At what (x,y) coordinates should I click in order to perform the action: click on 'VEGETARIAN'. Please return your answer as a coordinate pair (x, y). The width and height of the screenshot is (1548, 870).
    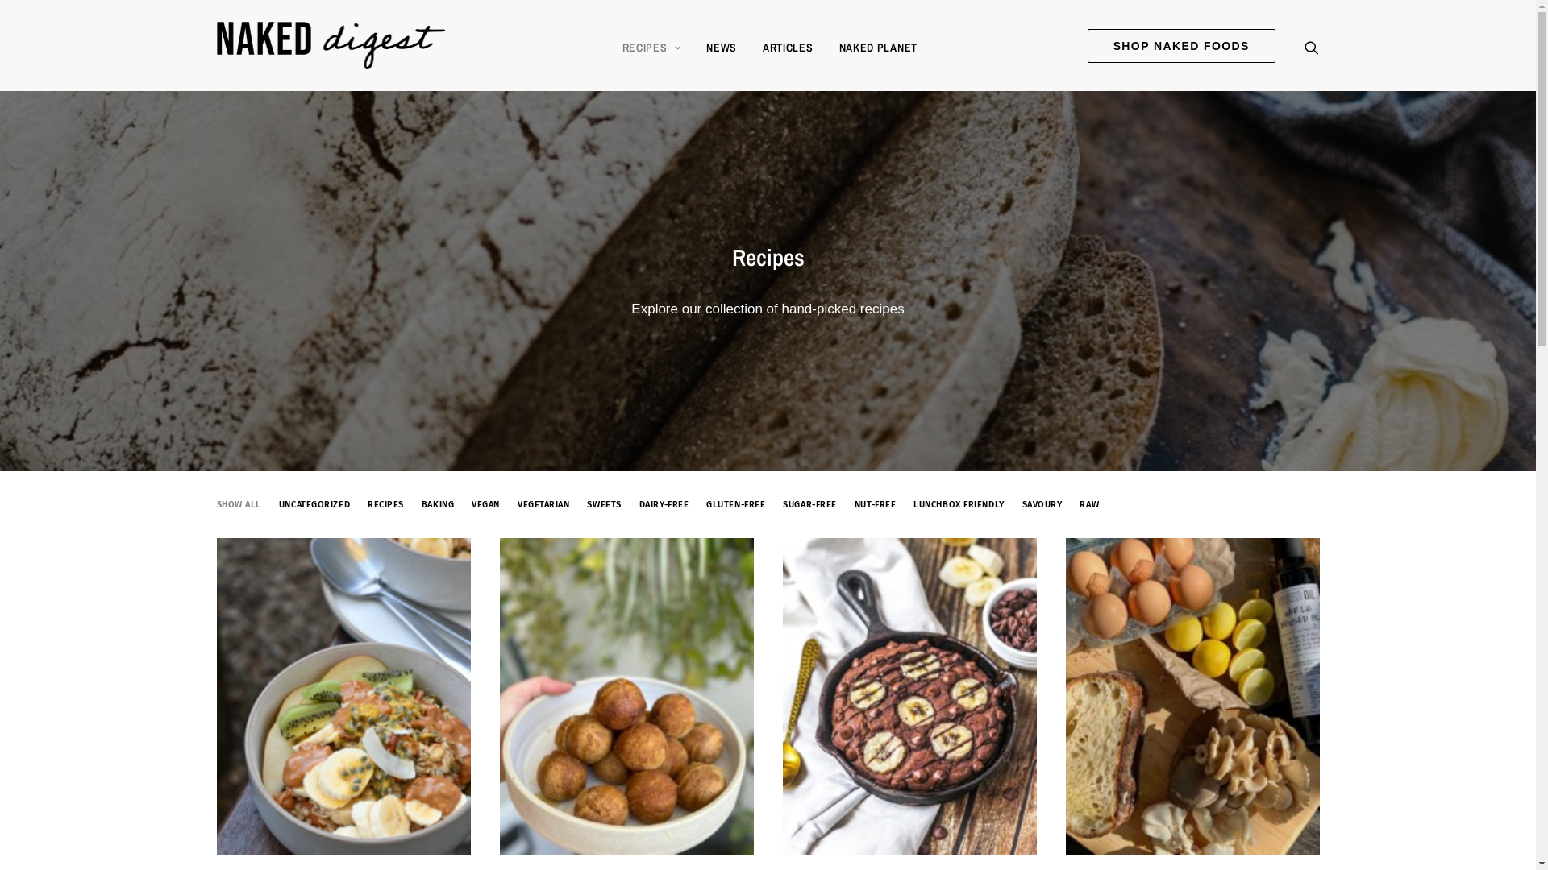
    Looking at the image, I should click on (543, 503).